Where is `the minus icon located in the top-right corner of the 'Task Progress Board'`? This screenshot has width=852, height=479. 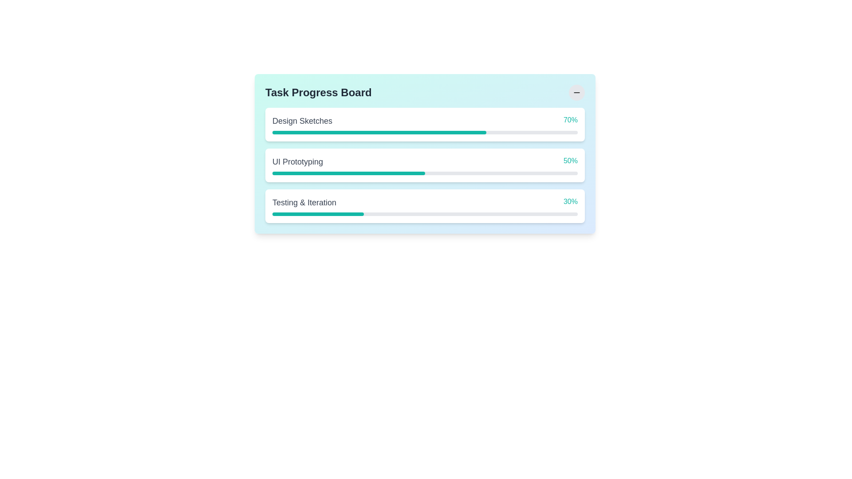 the minus icon located in the top-right corner of the 'Task Progress Board' is located at coordinates (577, 92).